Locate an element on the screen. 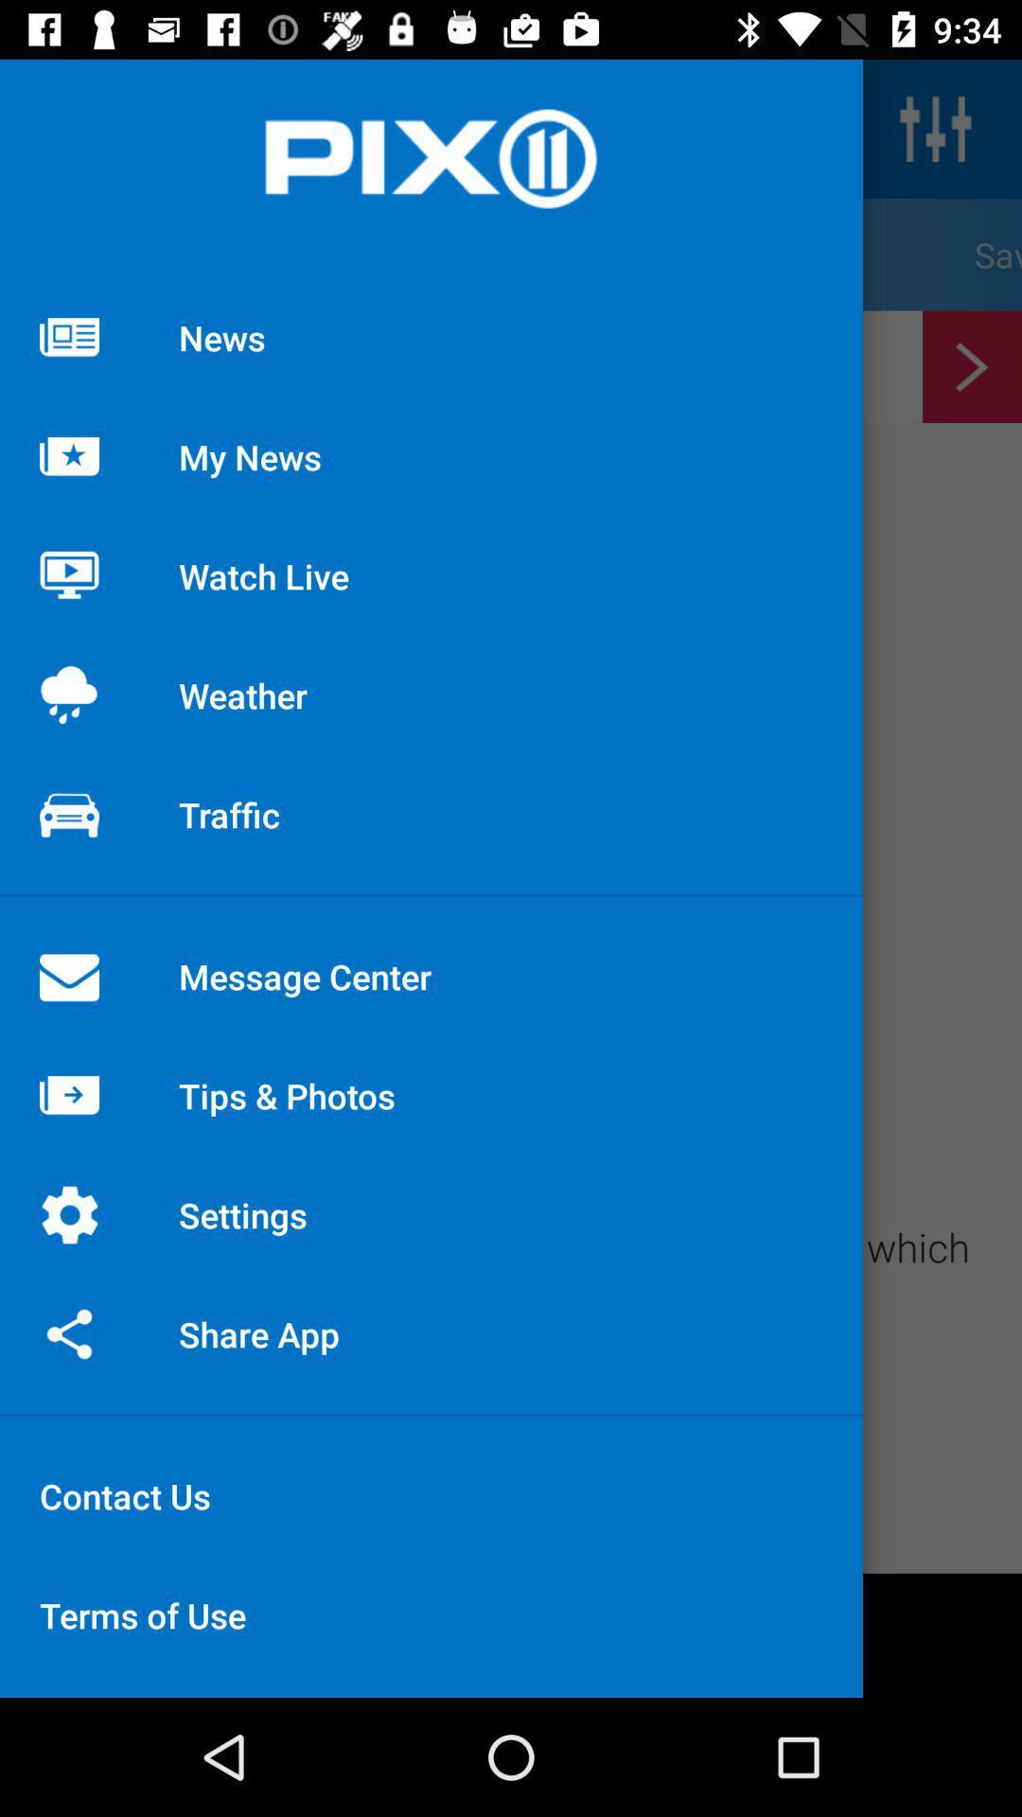 This screenshot has height=1817, width=1022. the sliders icon is located at coordinates (934, 128).